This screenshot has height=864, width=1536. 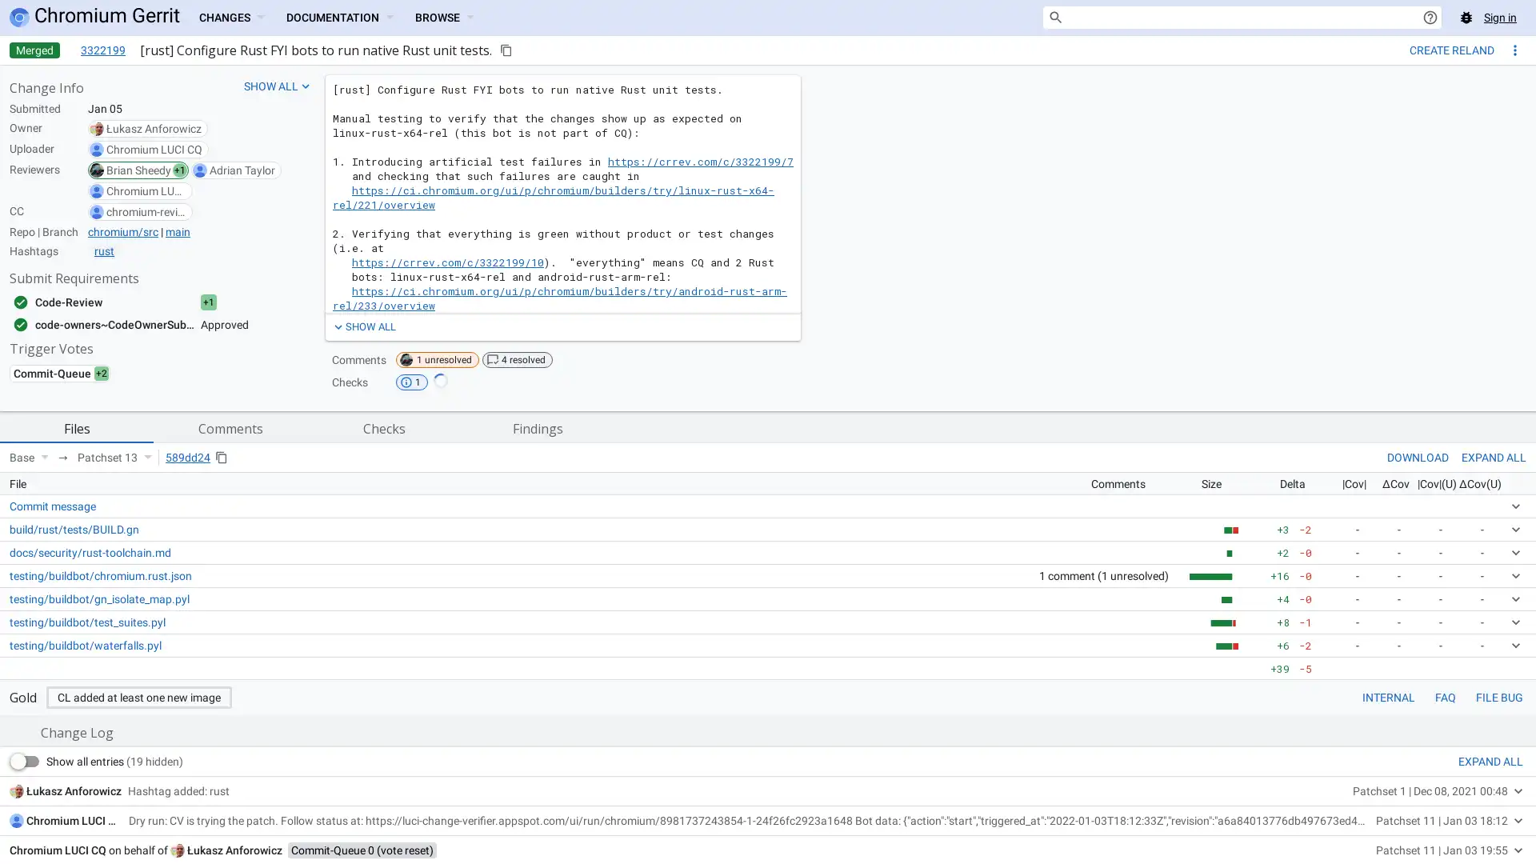 I want to click on Adrian Taylor, so click(x=241, y=170).